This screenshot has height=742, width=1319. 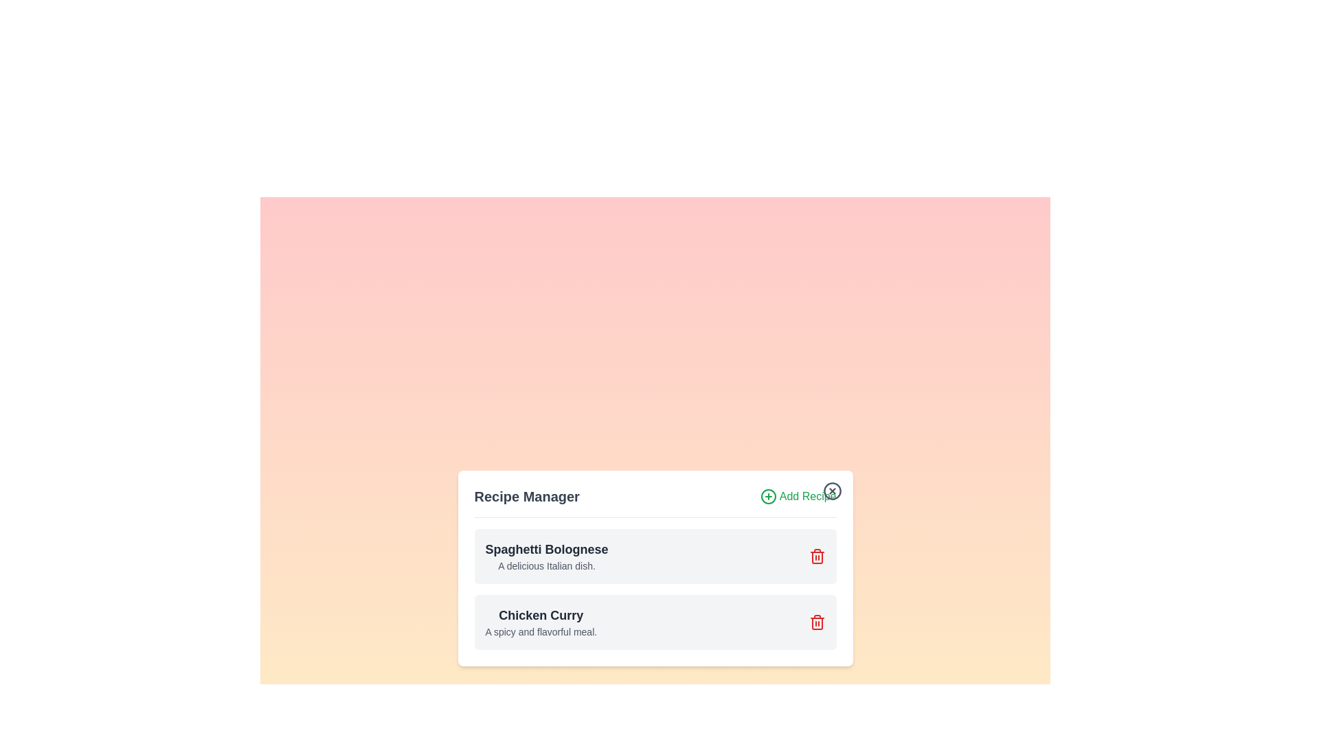 What do you see at coordinates (540, 622) in the screenshot?
I see `text block displaying the title 'Chicken Curry' and the description 'A spicy and flavorful meal.' located in the Recipe Manager section, under the Spaghetti Bolognese entry` at bounding box center [540, 622].